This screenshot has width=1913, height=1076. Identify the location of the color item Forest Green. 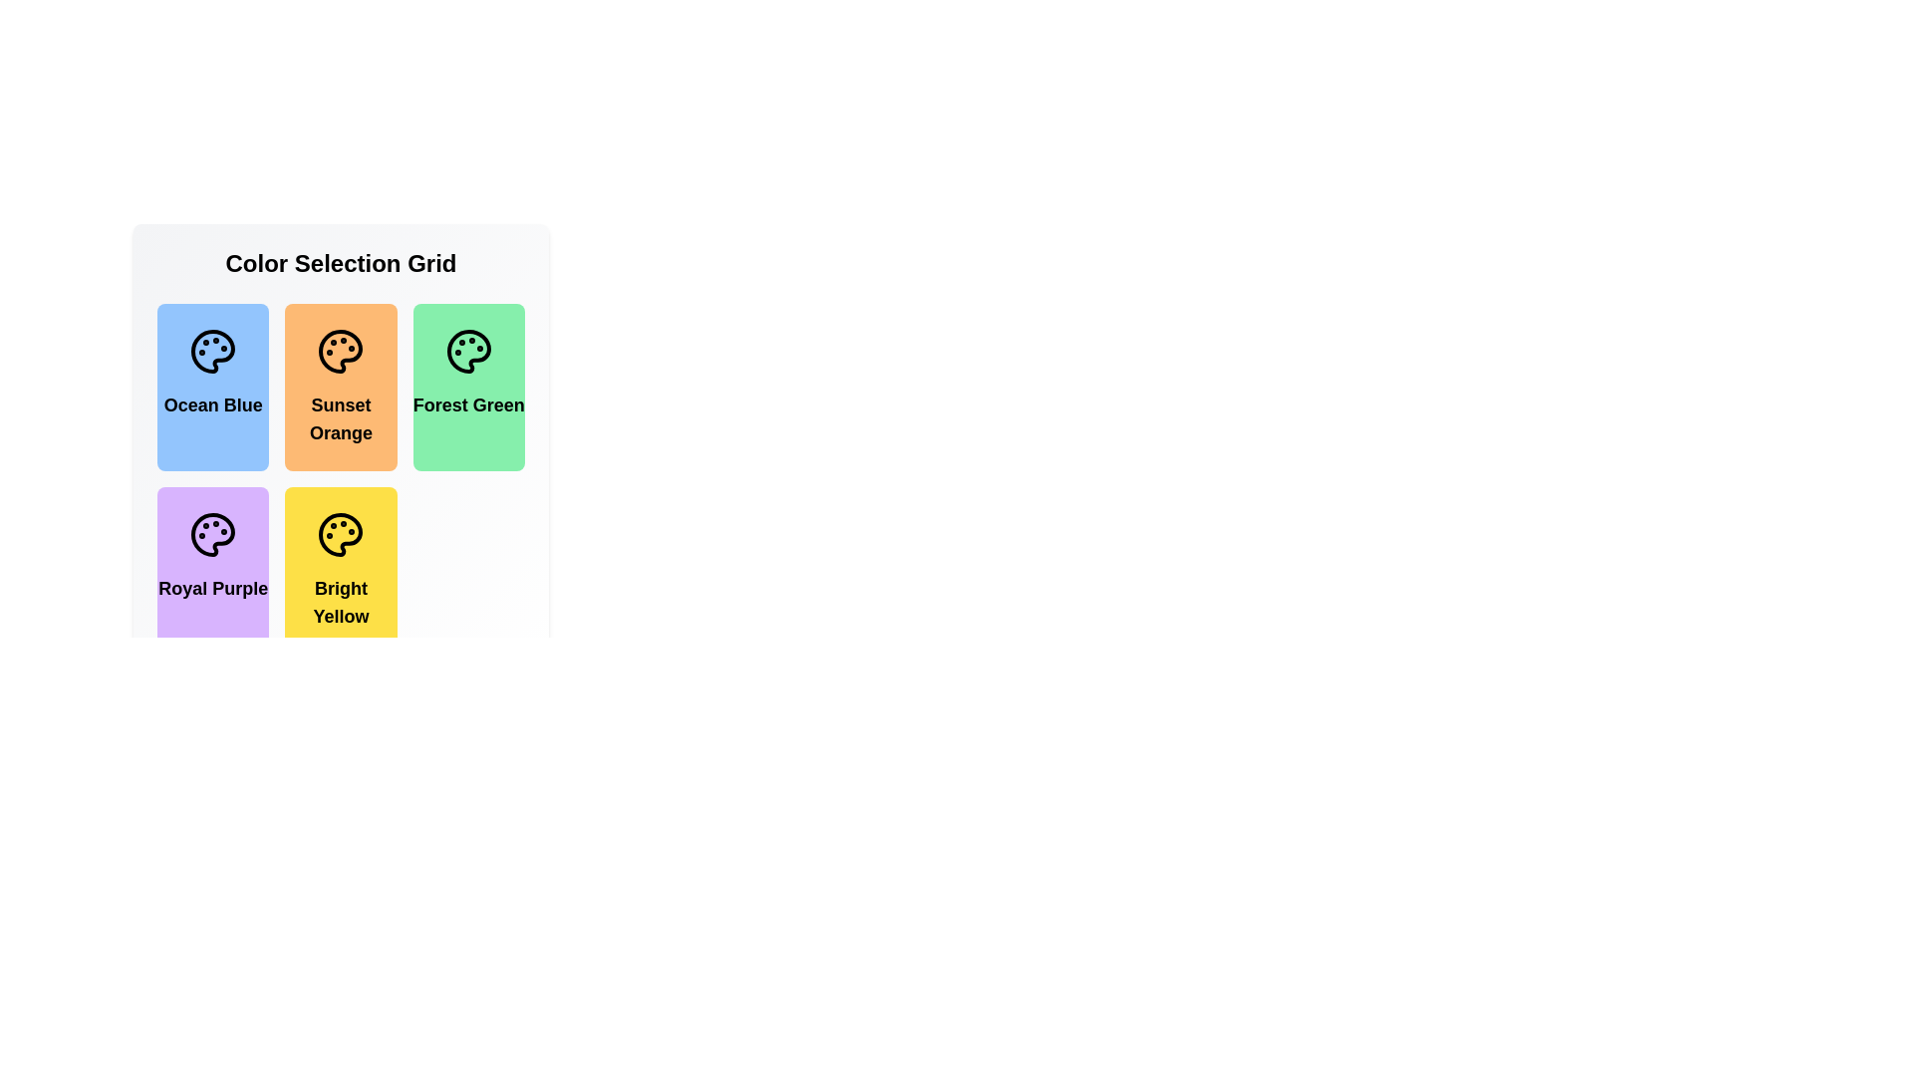
(467, 388).